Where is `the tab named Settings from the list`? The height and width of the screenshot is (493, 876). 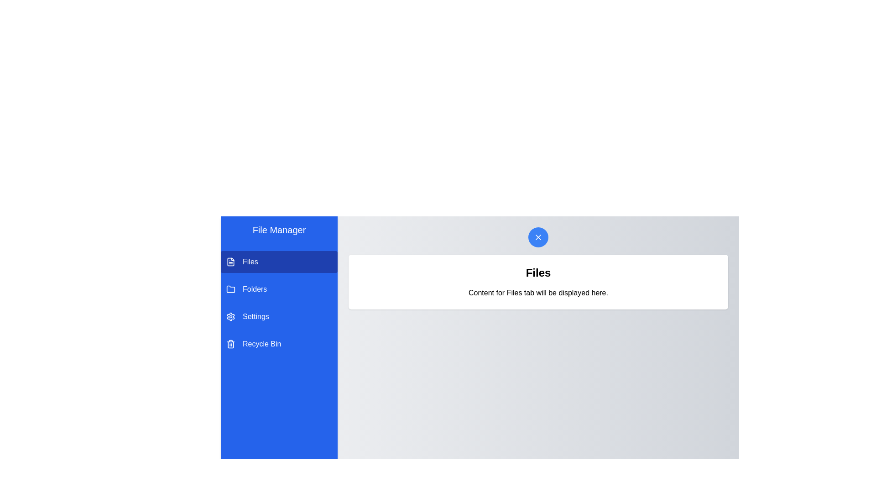 the tab named Settings from the list is located at coordinates (278, 316).